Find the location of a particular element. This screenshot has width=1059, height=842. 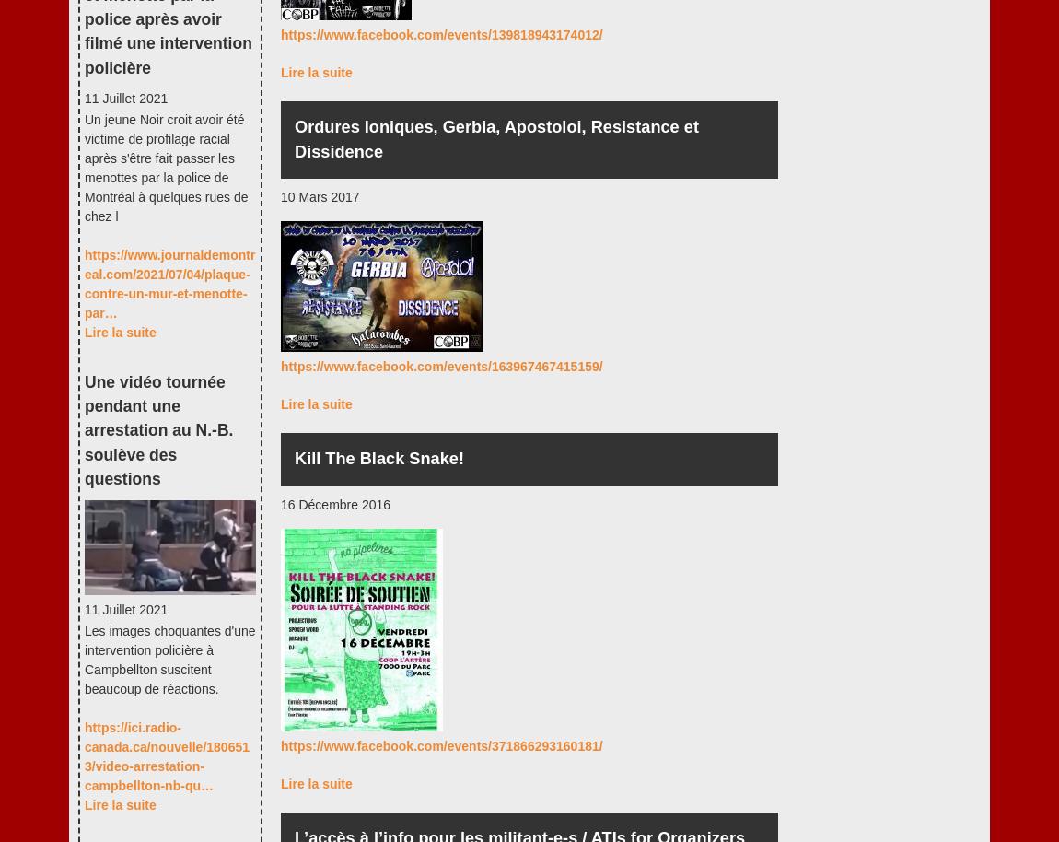

'Un jeune Noir croit avoir été victime de profilage racial après s'être fait passer les menottes par la police de Montréal à quelques rues de chez l' is located at coordinates (84, 166).